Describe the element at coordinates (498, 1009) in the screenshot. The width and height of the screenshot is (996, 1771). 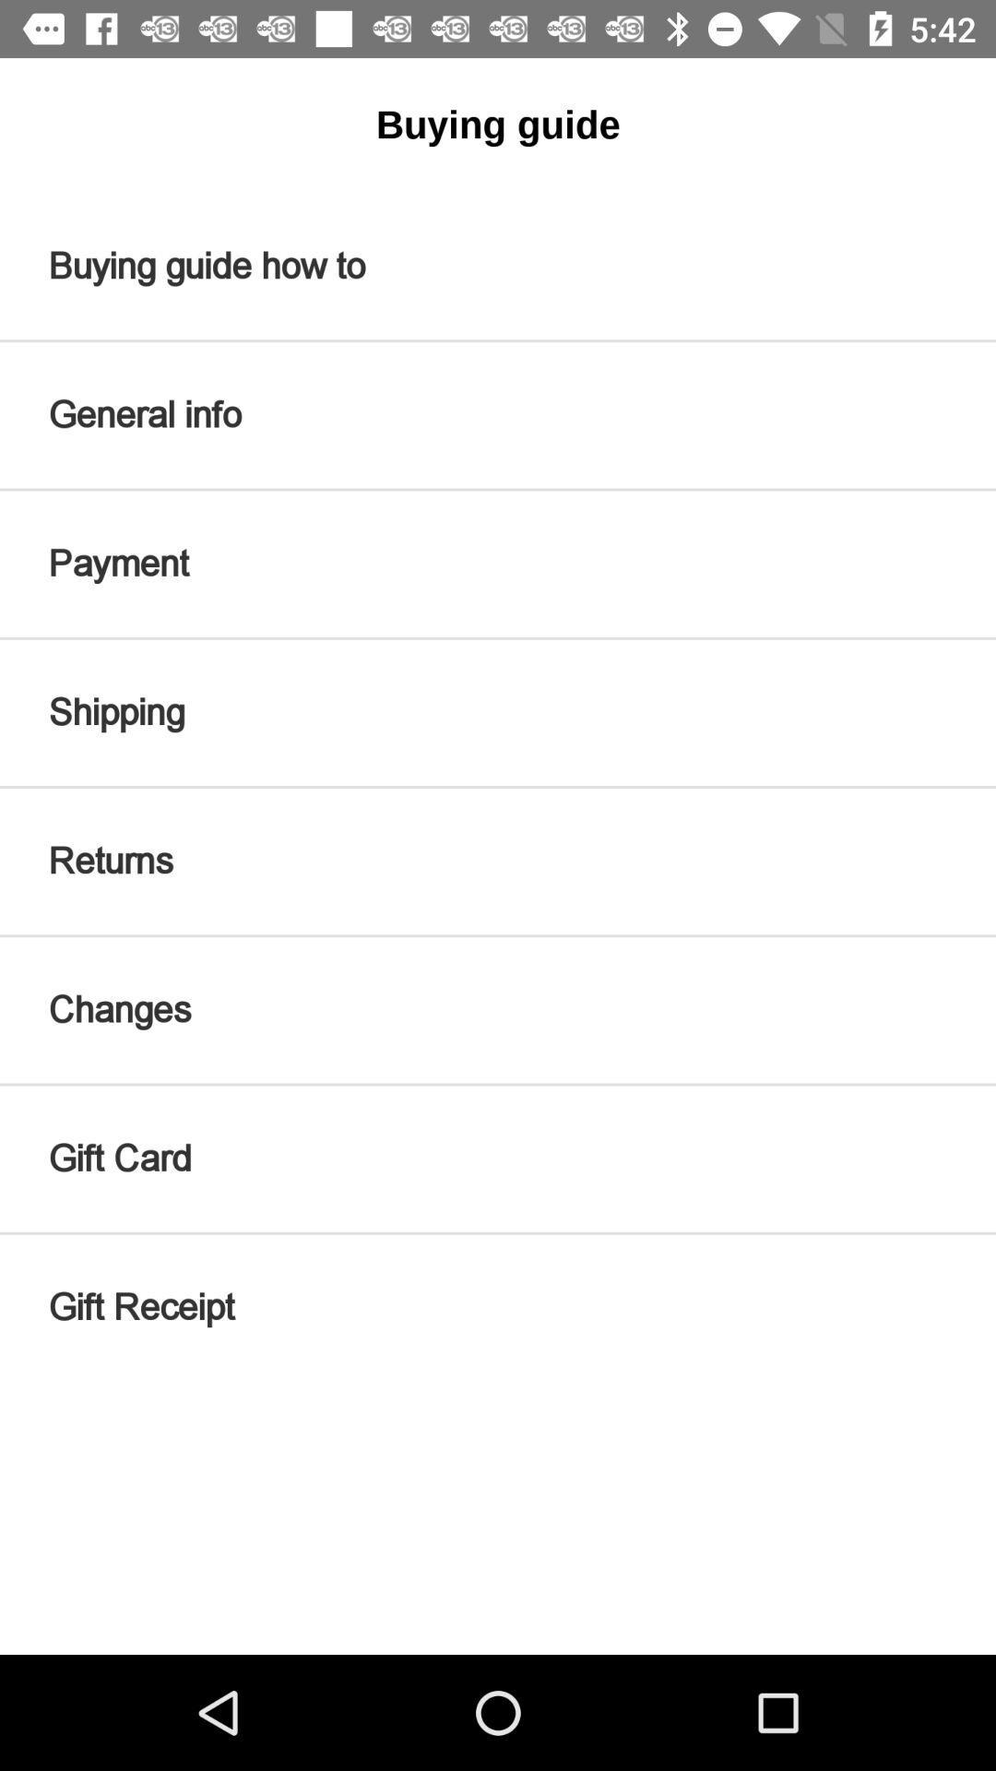
I see `the changes item` at that location.